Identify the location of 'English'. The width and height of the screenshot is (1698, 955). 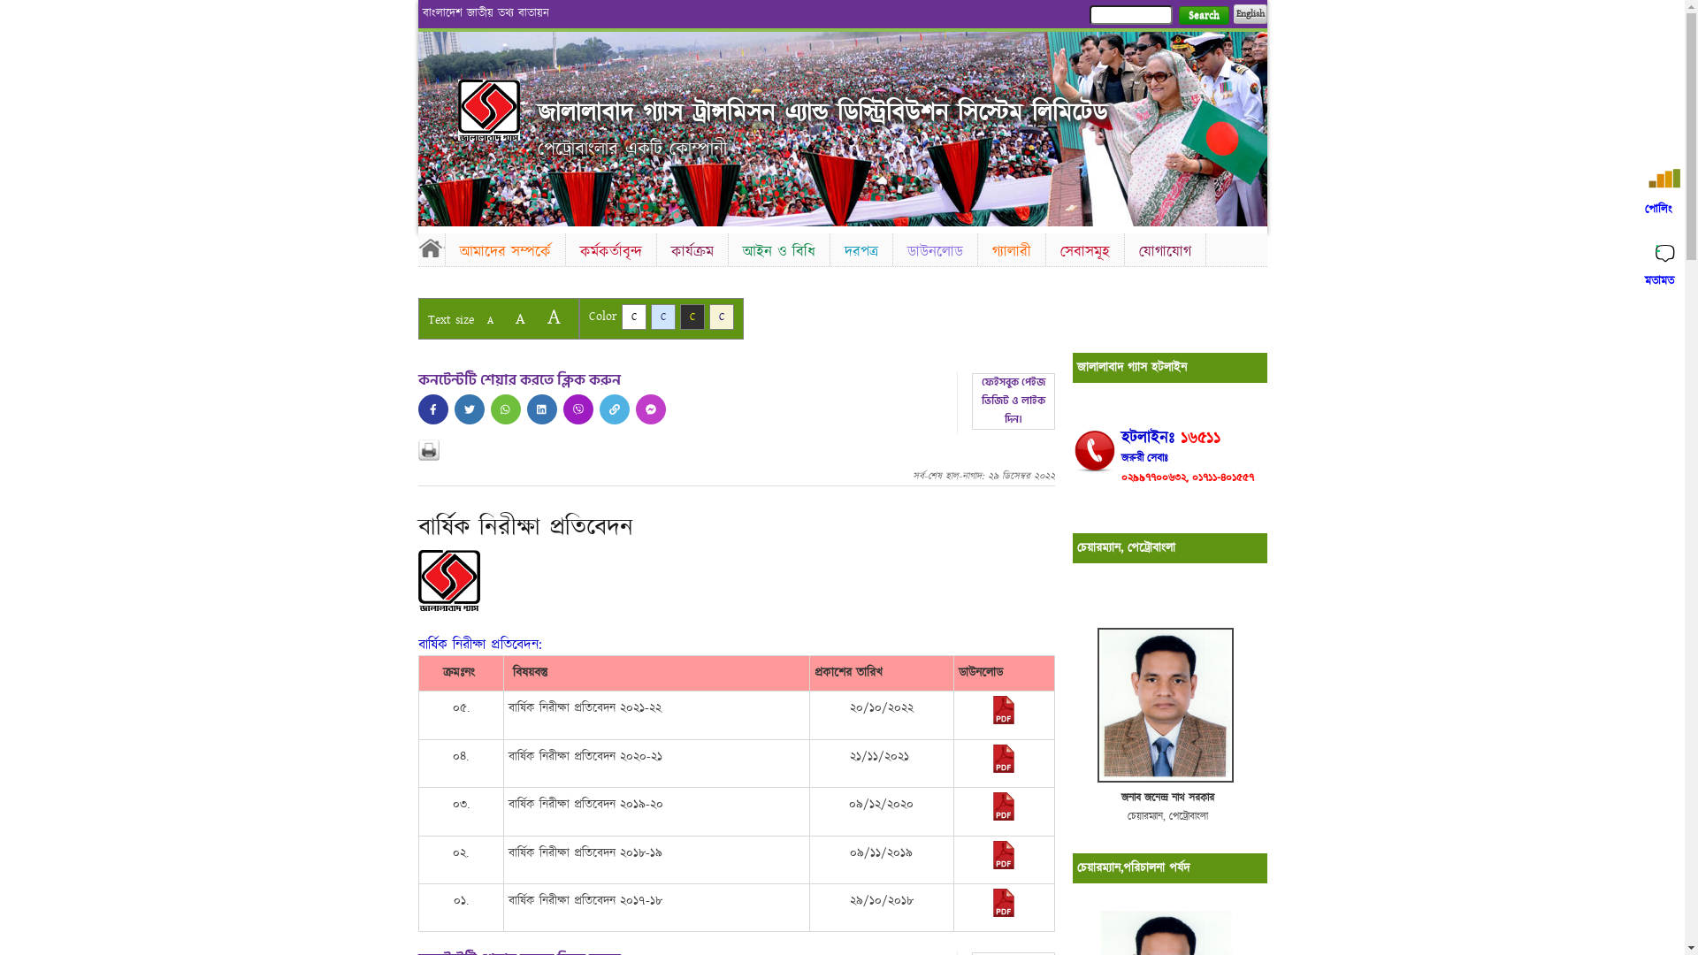
(1231, 13).